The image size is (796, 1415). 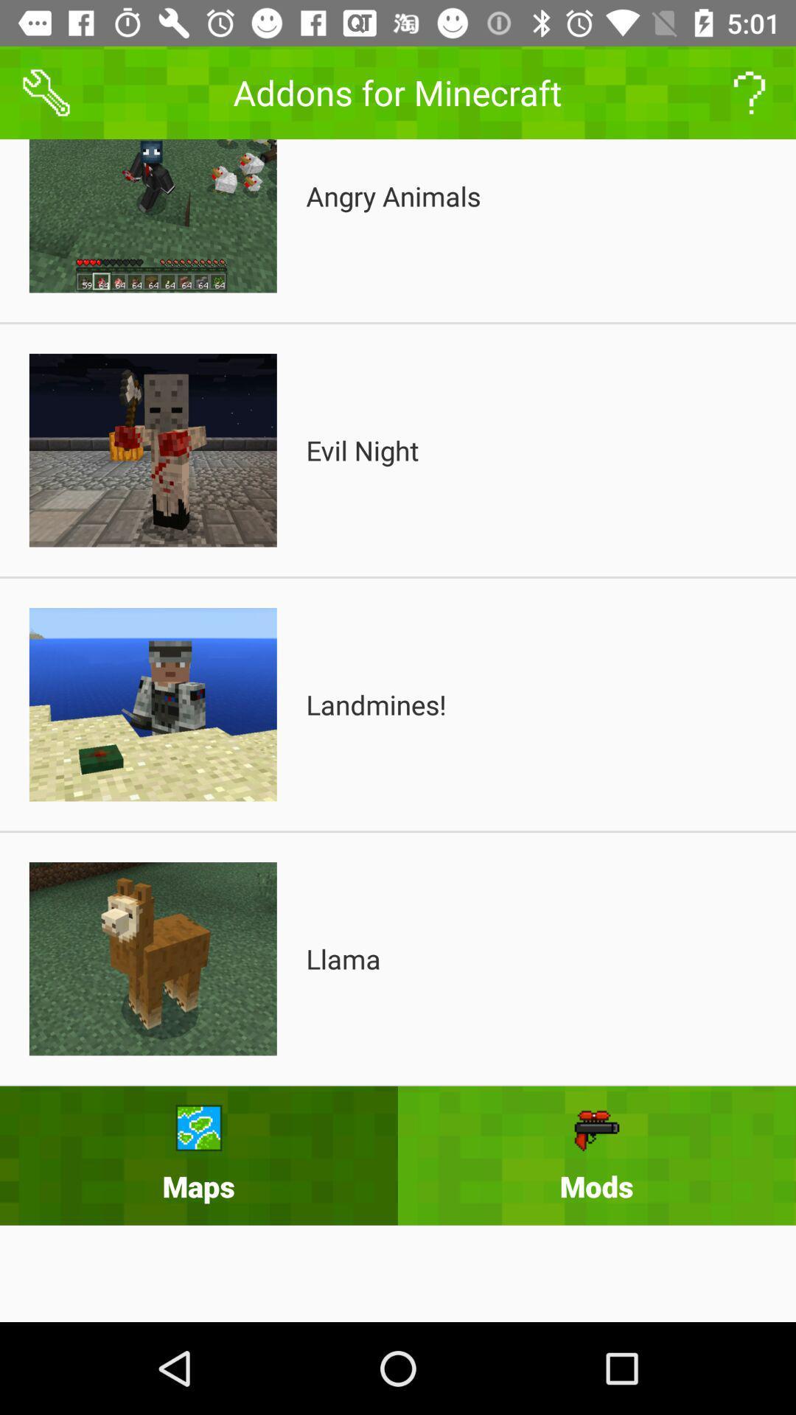 What do you see at coordinates (375, 704) in the screenshot?
I see `the landmines!` at bounding box center [375, 704].